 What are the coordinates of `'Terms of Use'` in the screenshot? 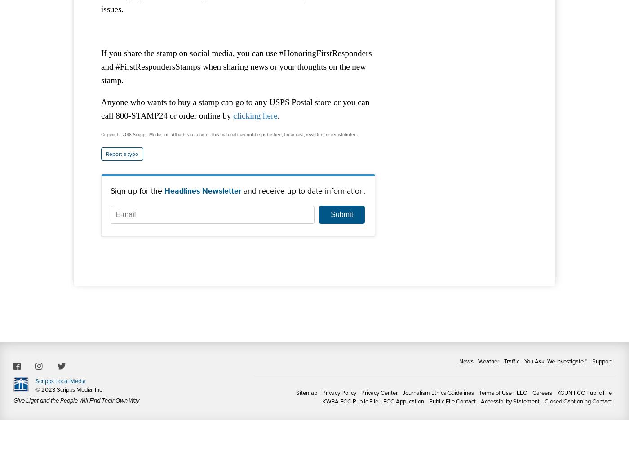 It's located at (478, 393).